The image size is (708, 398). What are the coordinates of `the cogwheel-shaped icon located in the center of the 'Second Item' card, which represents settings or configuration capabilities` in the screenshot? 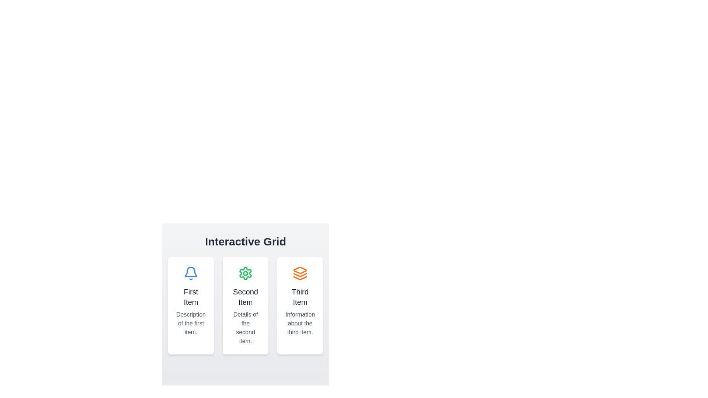 It's located at (246, 273).